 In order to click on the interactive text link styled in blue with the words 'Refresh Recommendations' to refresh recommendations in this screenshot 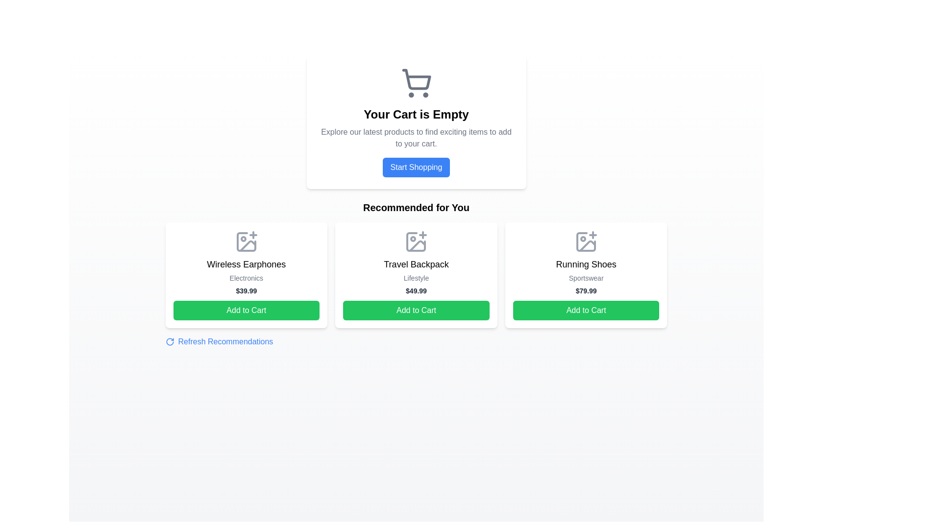, I will do `click(219, 341)`.